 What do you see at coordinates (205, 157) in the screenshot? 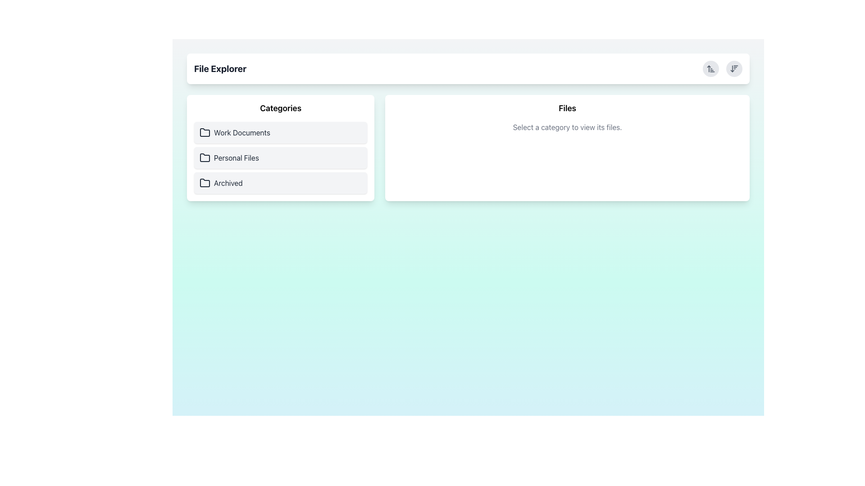
I see `the folder icon representing 'Personal Files', which is the second item in the vertical list under the 'Categories' section` at bounding box center [205, 157].